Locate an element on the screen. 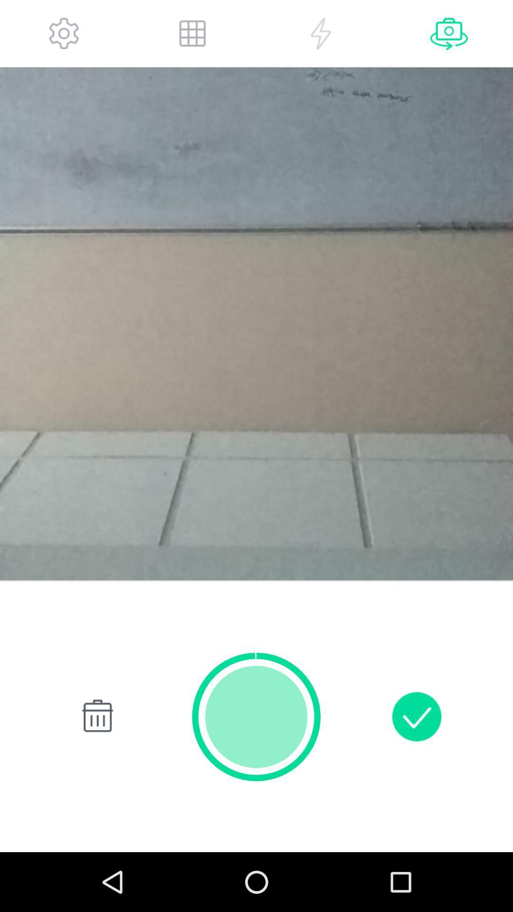 This screenshot has width=513, height=912. delete box is located at coordinates (95, 716).